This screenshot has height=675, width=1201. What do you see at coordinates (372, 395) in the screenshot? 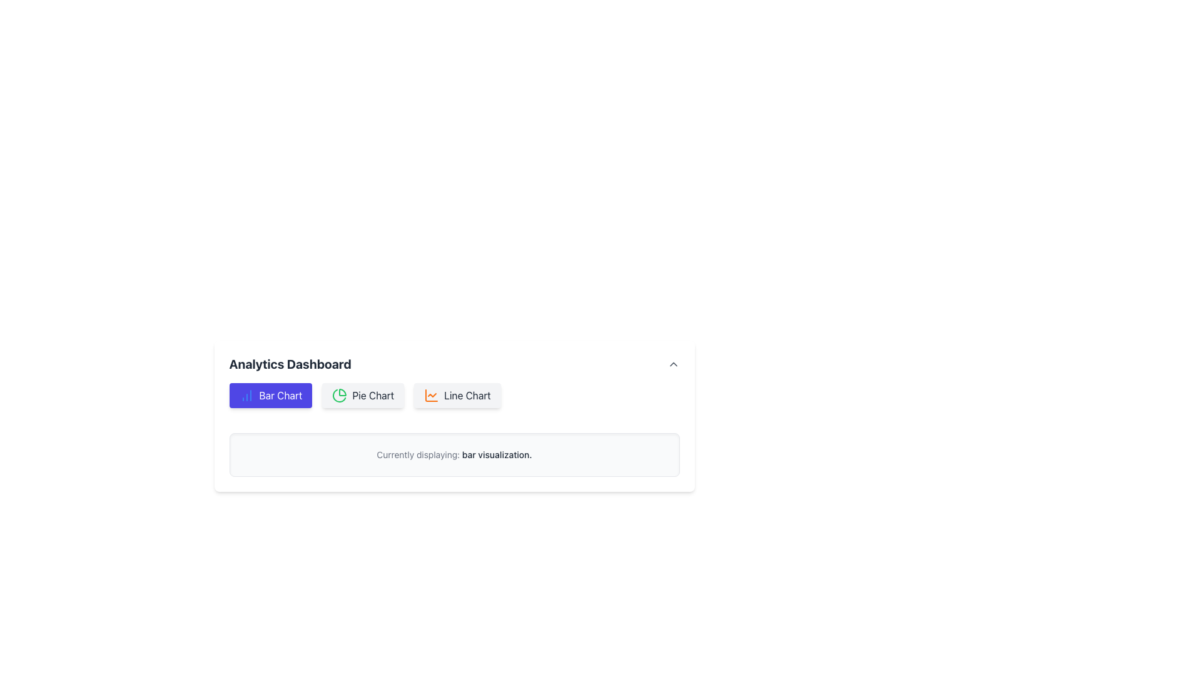
I see `the Text label representing the 'Pie Chart' option in the chart selection row under the 'Analytics Dashboard' heading` at bounding box center [372, 395].